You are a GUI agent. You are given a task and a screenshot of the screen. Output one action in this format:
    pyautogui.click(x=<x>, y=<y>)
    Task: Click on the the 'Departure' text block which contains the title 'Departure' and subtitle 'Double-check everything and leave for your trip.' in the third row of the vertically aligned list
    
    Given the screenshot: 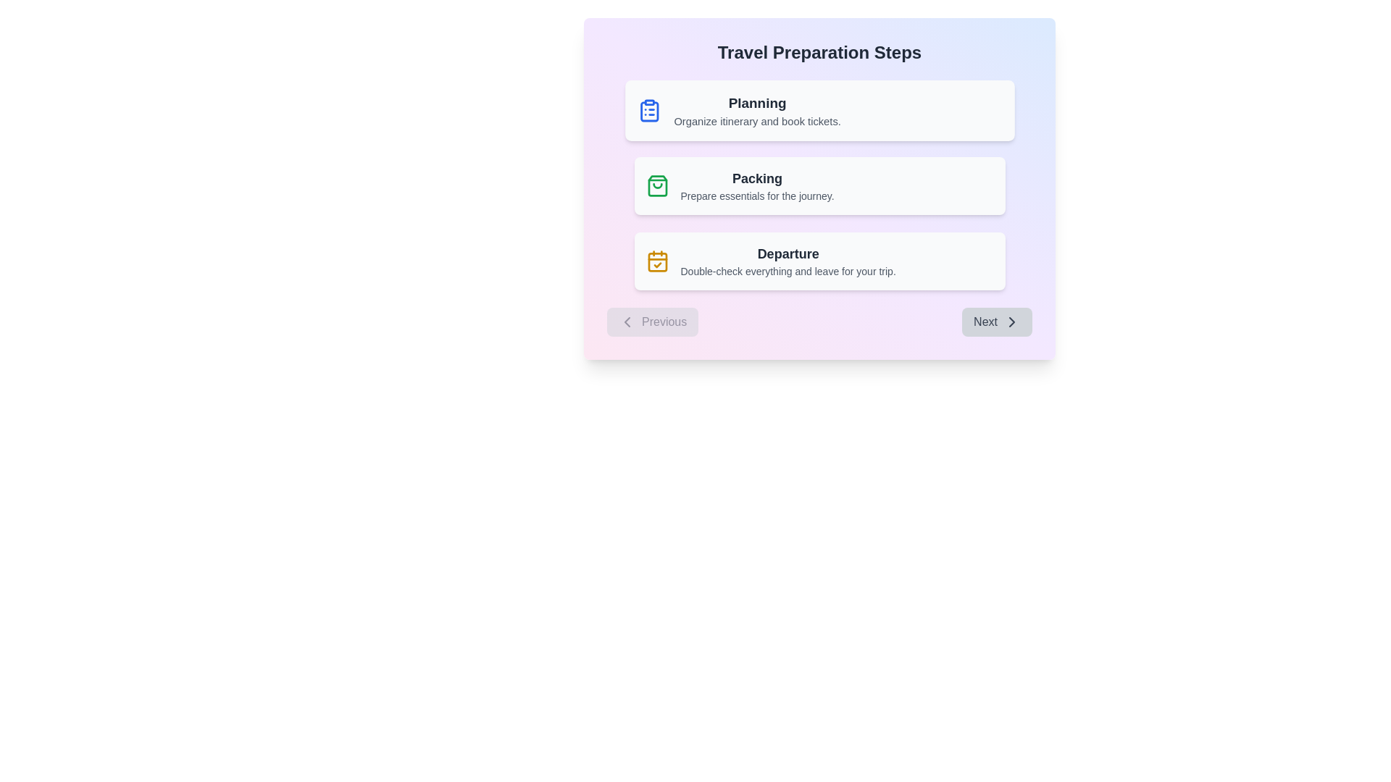 What is the action you would take?
    pyautogui.click(x=788, y=261)
    